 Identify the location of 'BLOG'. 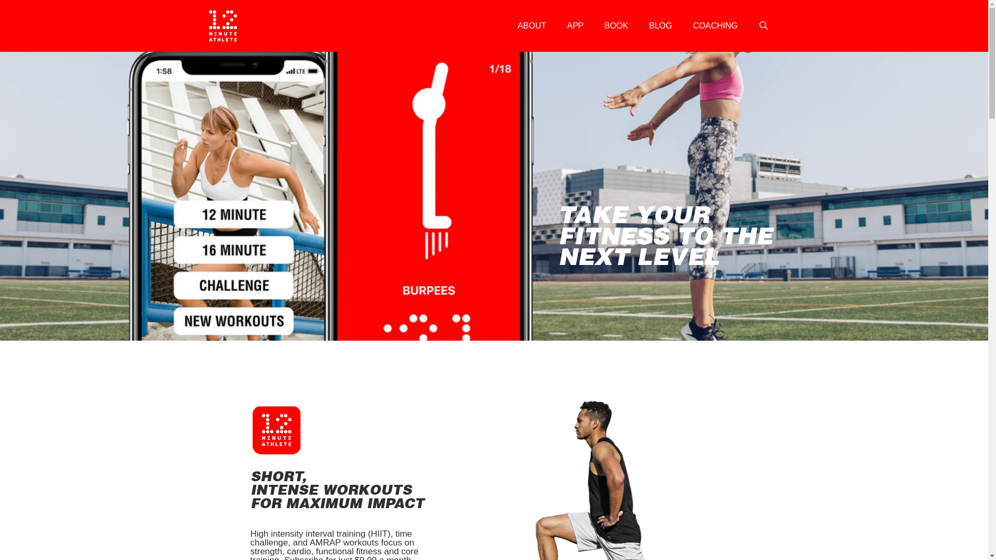
(659, 25).